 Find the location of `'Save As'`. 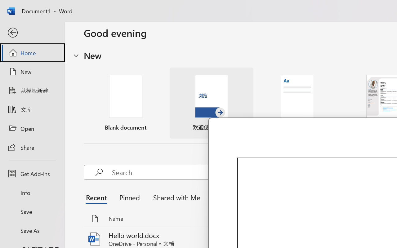

'Save As' is located at coordinates (32, 230).